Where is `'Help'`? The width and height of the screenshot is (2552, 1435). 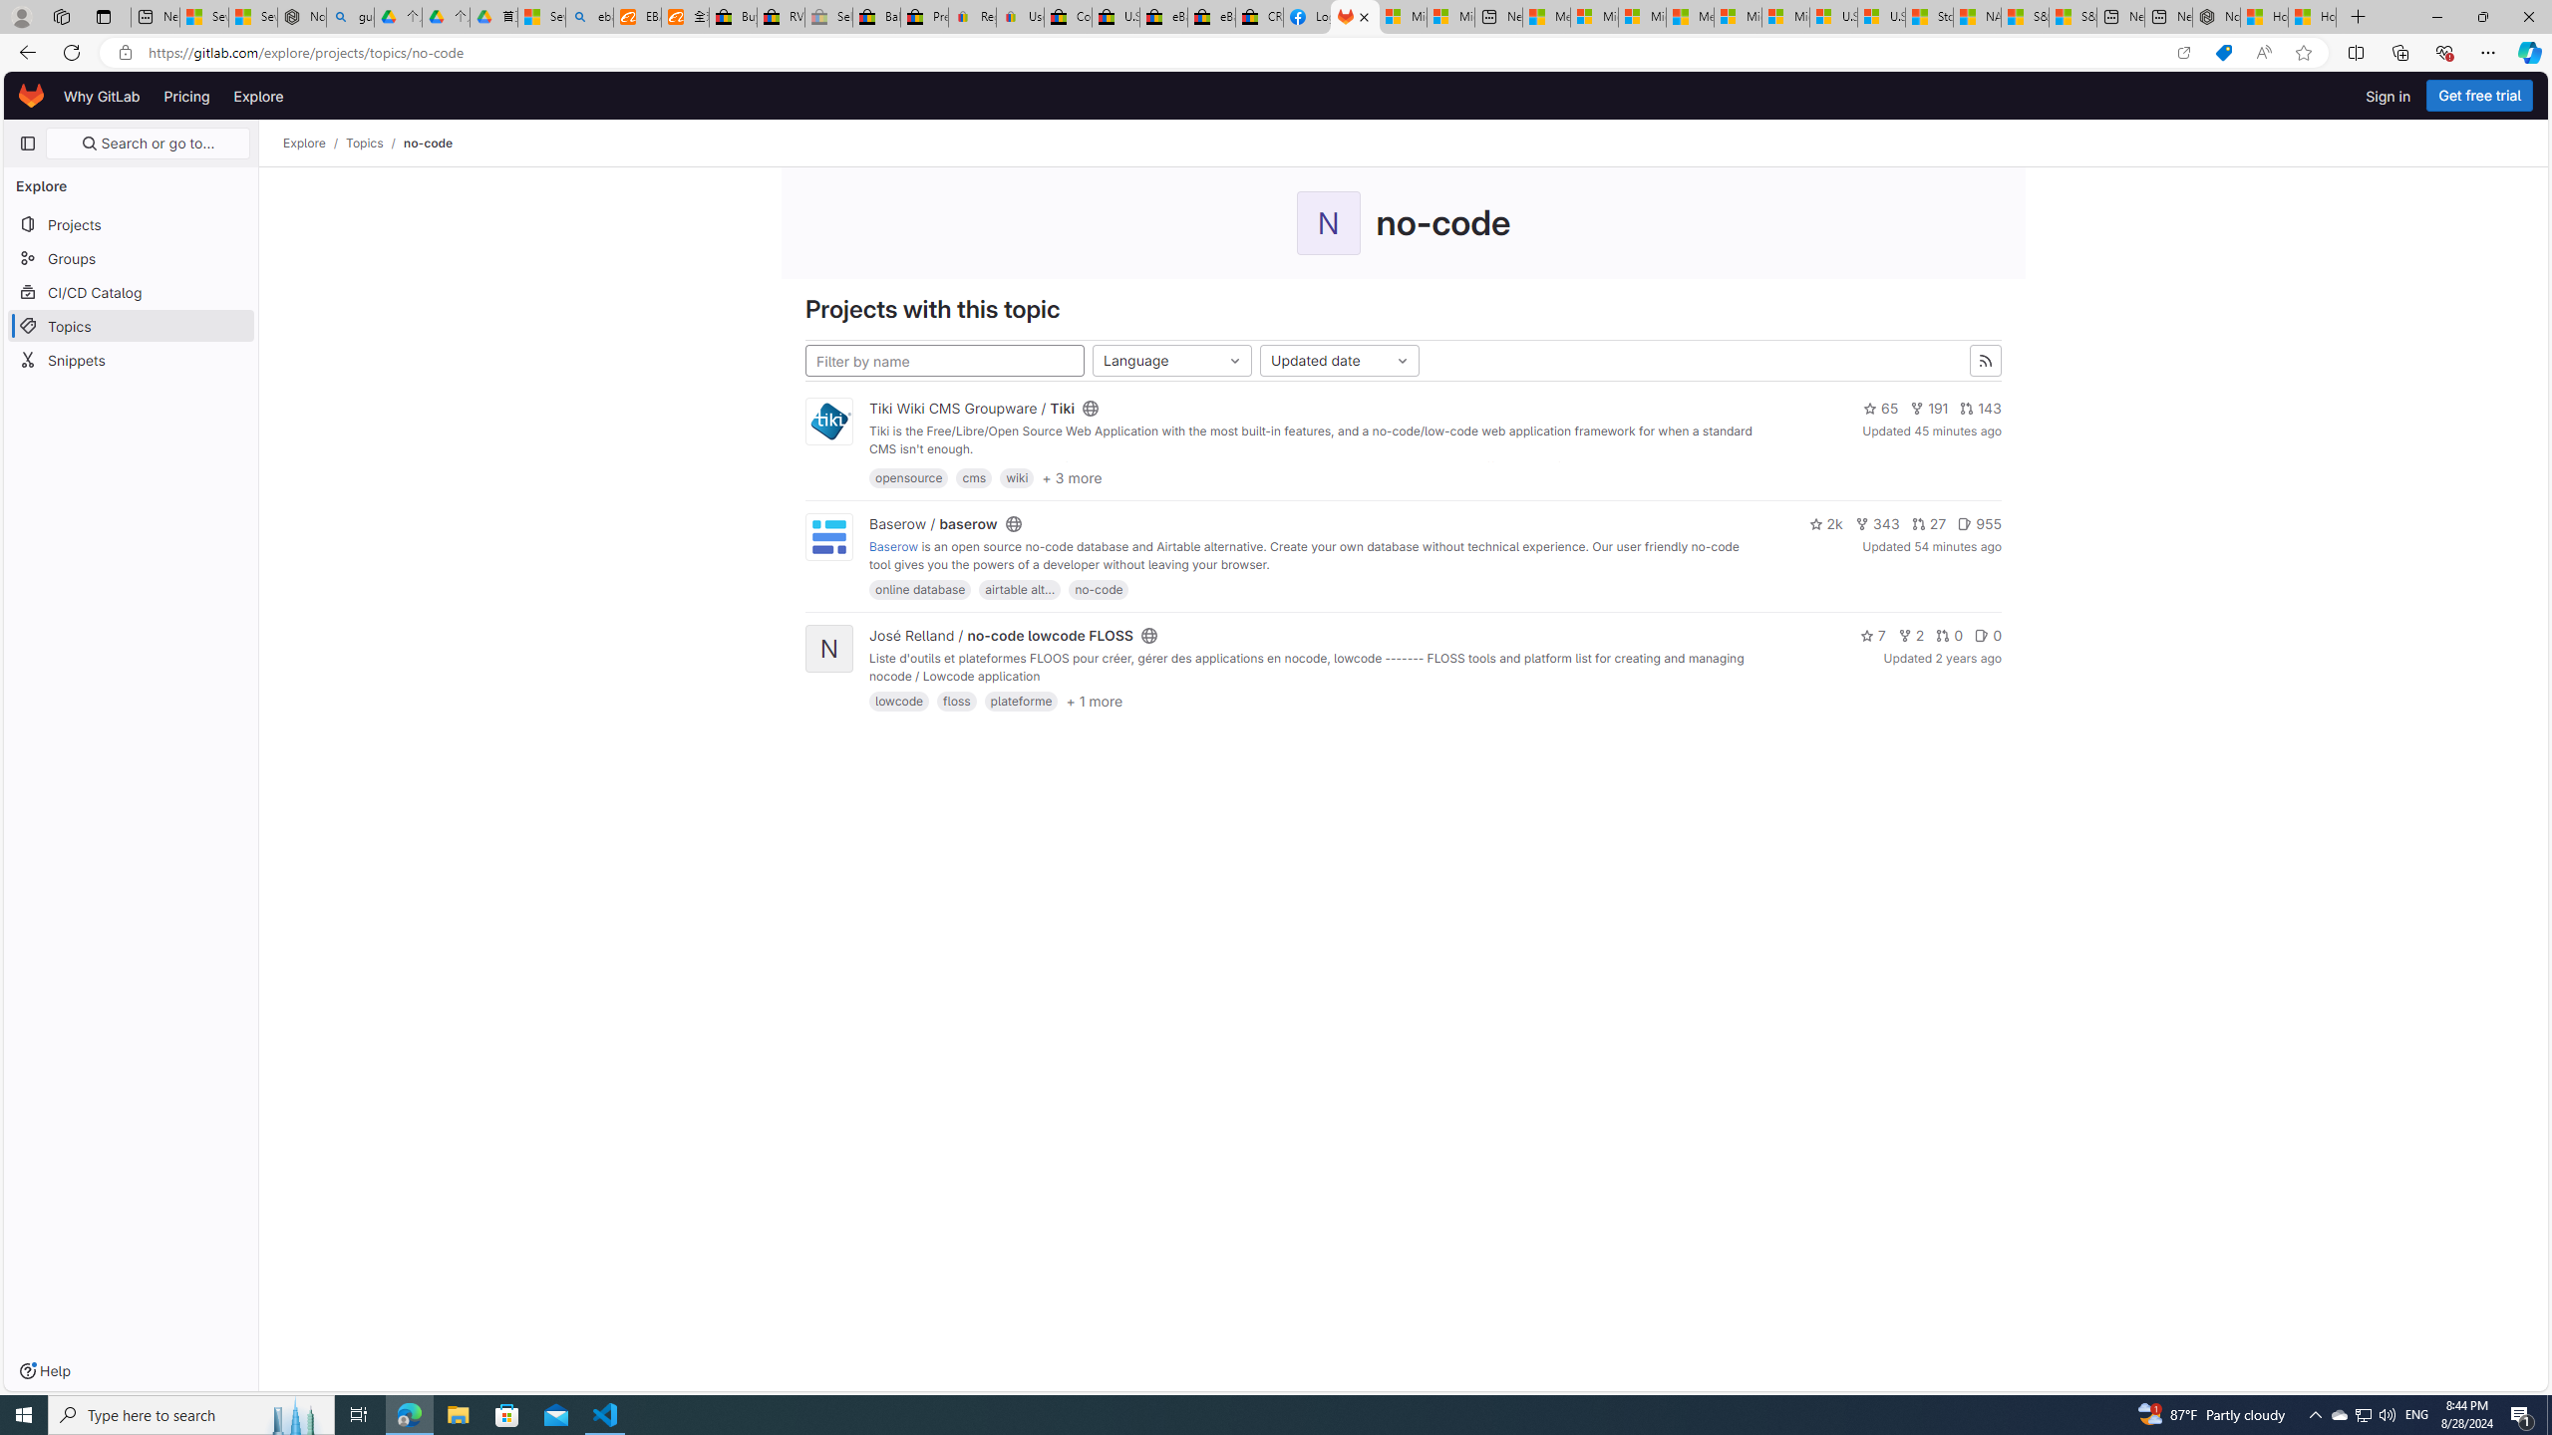 'Help' is located at coordinates (44, 1369).